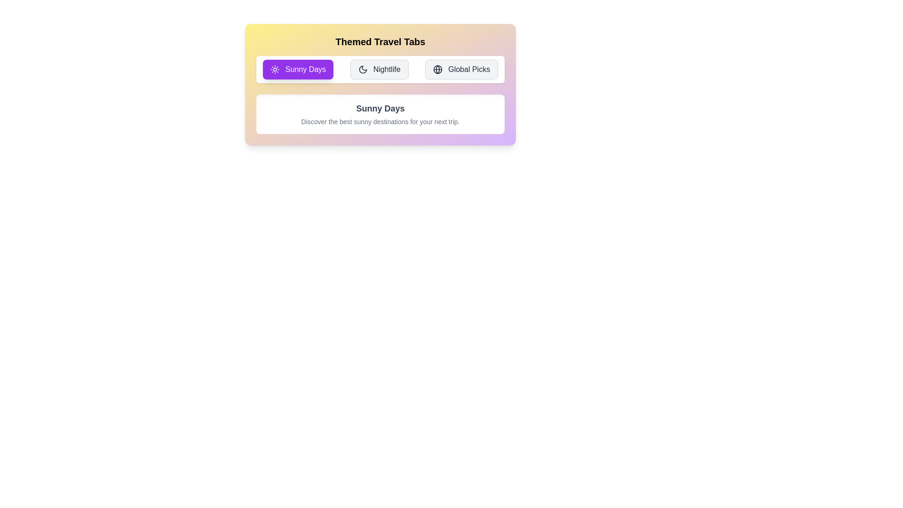 Image resolution: width=903 pixels, height=508 pixels. Describe the element at coordinates (461, 69) in the screenshot. I see `the Global Picks tab` at that location.